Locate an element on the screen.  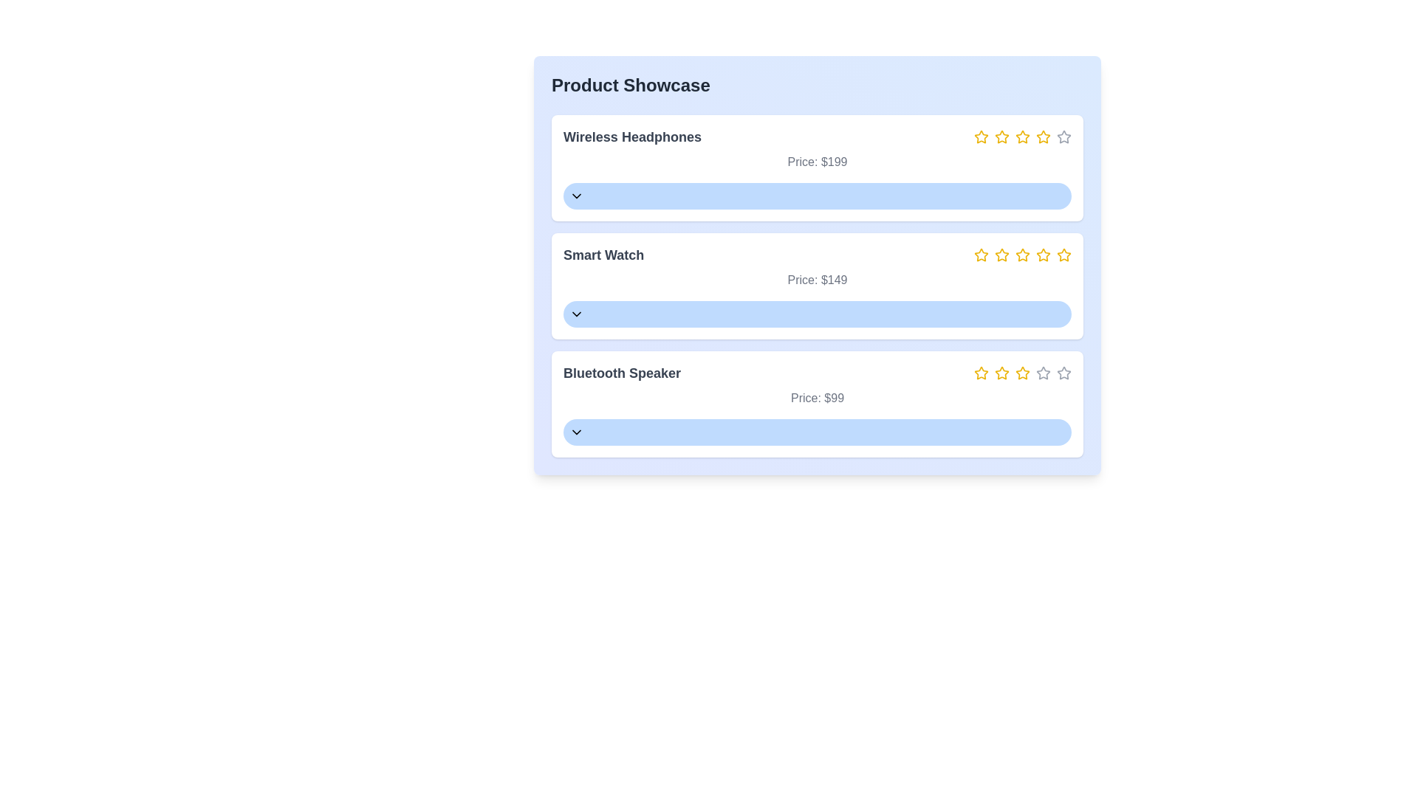
properties of the fifth star icon in the rating component for the second product under the 'Smart Watch' section is located at coordinates (1063, 255).